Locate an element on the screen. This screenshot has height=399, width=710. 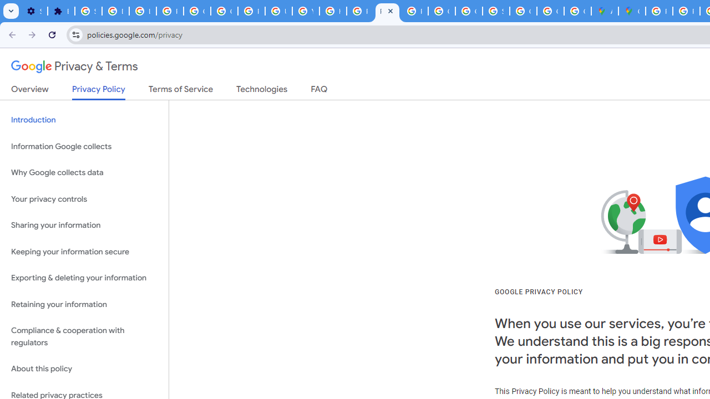
'Your privacy controls' is located at coordinates (84, 198).